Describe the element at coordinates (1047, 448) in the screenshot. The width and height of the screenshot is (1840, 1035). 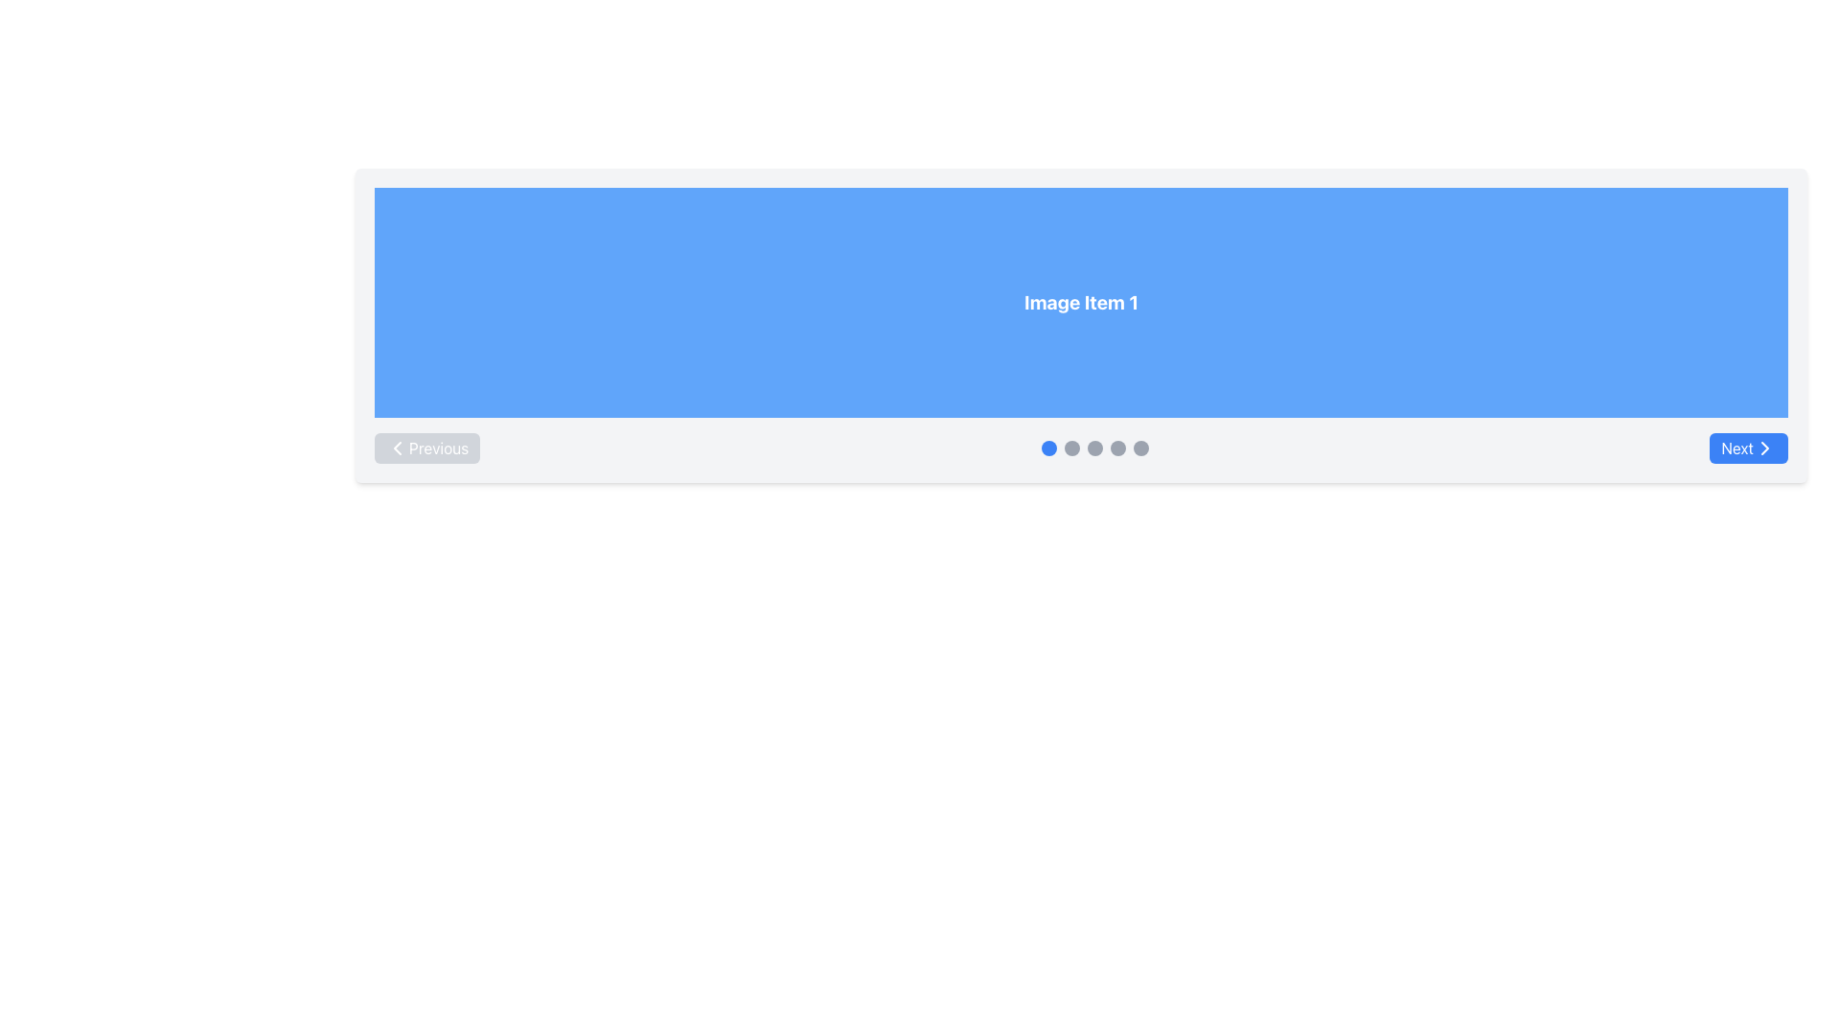
I see `the first interactive circular button from the left in the group of five buttons located near the bottom center of the interface` at that location.